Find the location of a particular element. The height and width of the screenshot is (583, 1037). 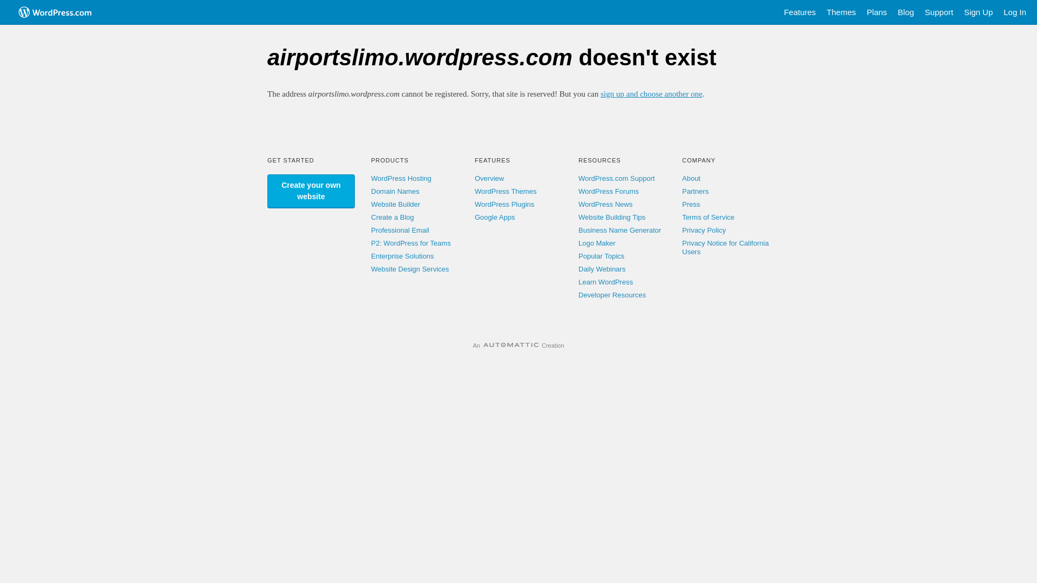

'Terms of Service' is located at coordinates (681, 217).